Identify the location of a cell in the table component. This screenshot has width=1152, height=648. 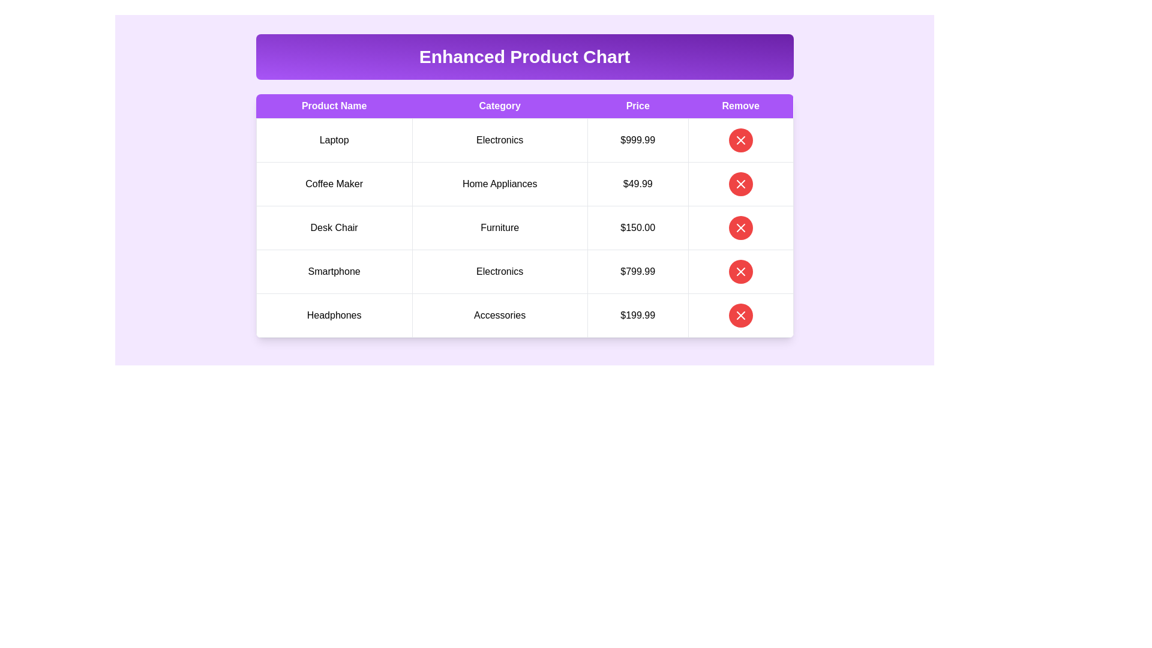
(524, 185).